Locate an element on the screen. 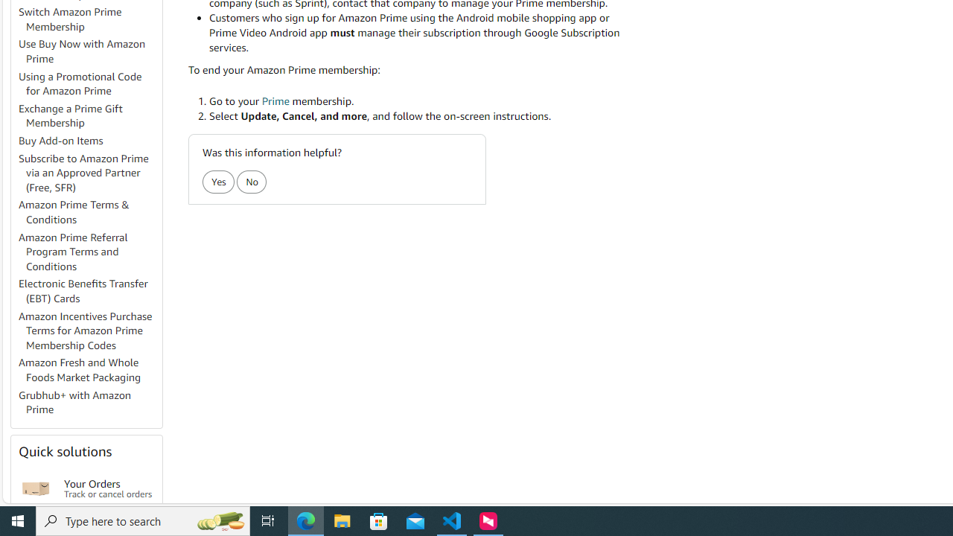 The width and height of the screenshot is (953, 536). 'Buy Add-on Items' is located at coordinates (60, 141).